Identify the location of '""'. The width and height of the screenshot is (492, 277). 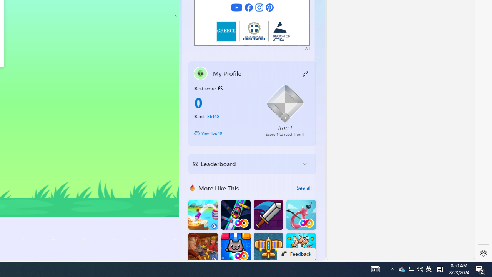
(201, 73).